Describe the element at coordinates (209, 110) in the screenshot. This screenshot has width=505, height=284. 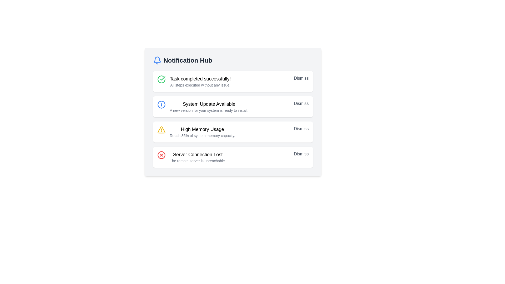
I see `the descriptive message text that provides details about the available system update, located below the title 'System Update Available' in the second notification section` at that location.